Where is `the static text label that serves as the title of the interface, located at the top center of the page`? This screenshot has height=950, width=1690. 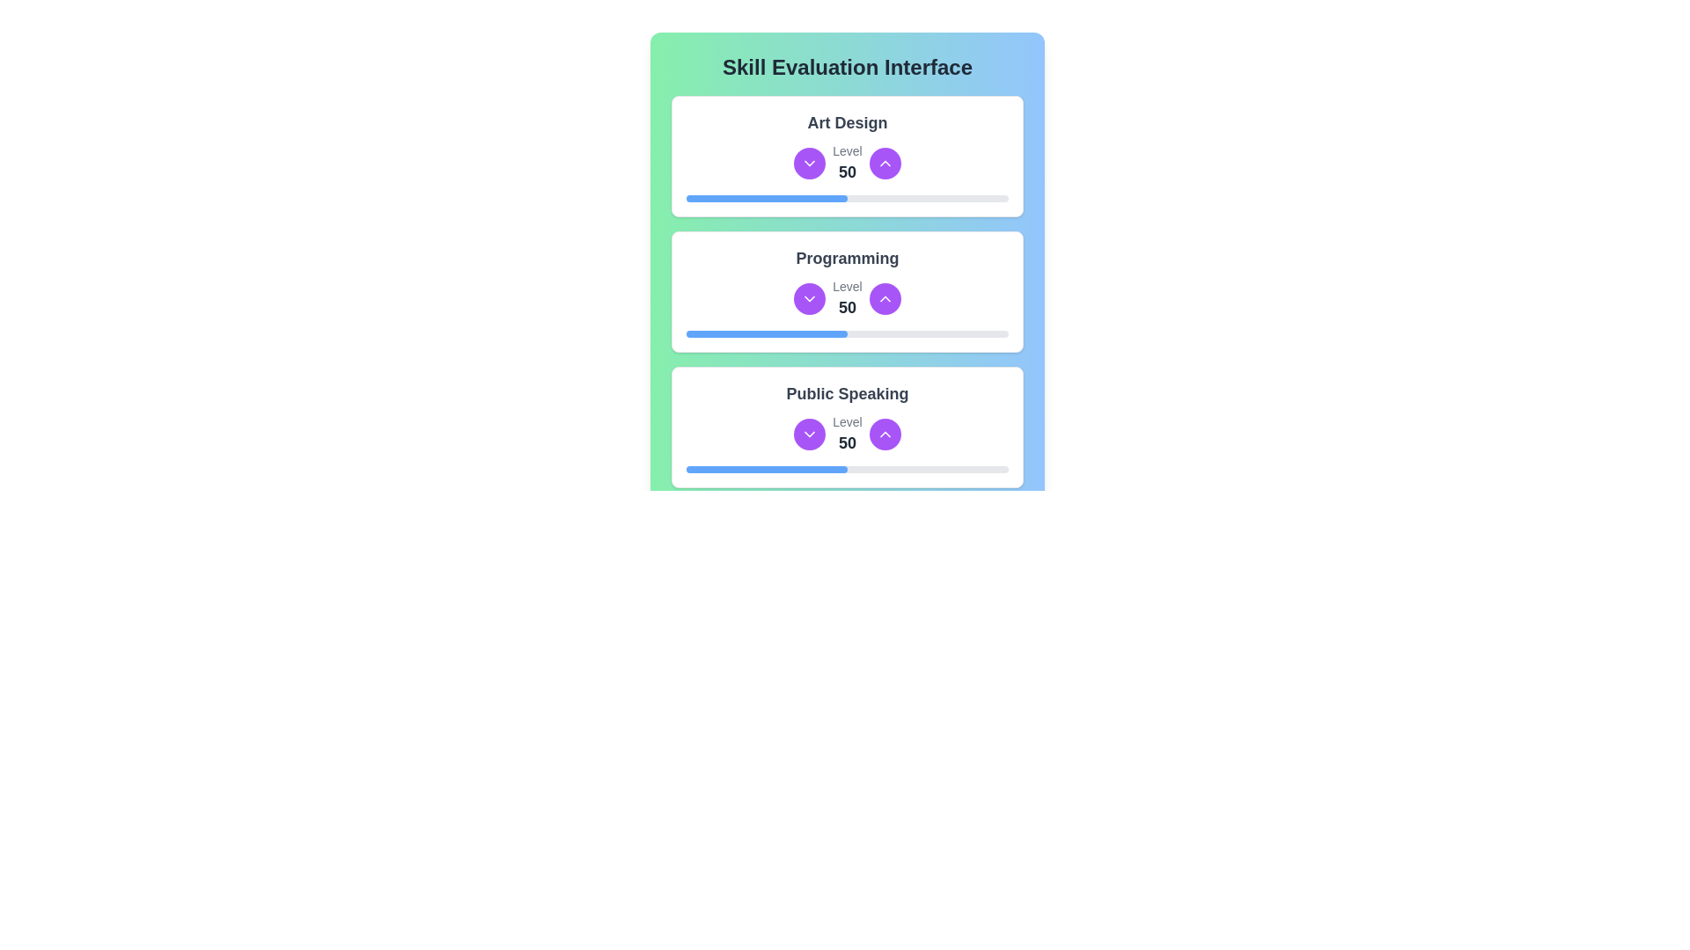 the static text label that serves as the title of the interface, located at the top center of the page is located at coordinates (848, 67).